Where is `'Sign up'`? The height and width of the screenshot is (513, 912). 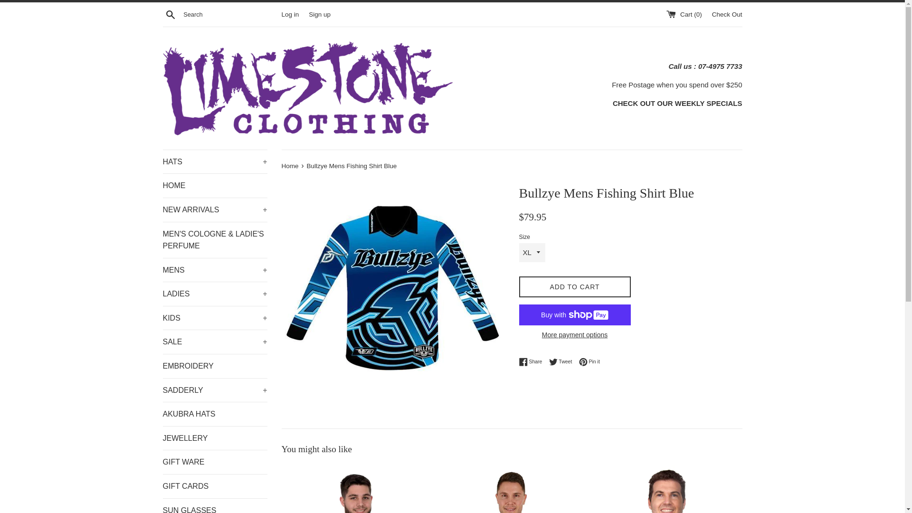
'Sign up' is located at coordinates (319, 14).